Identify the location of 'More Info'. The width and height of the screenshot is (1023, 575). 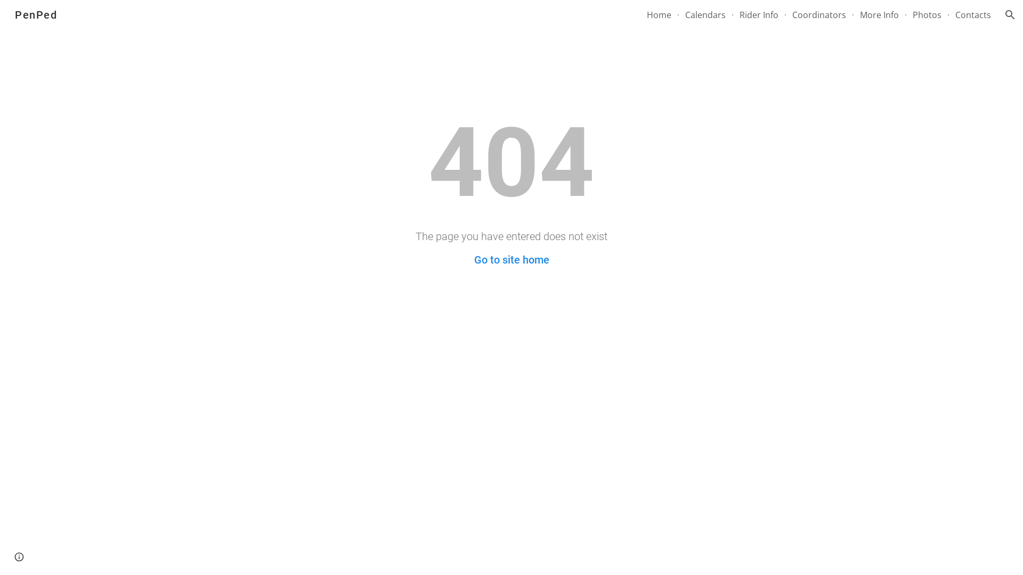
(879, 14).